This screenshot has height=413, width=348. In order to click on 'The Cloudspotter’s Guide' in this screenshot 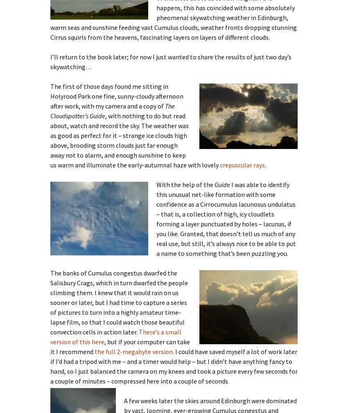, I will do `click(112, 110)`.